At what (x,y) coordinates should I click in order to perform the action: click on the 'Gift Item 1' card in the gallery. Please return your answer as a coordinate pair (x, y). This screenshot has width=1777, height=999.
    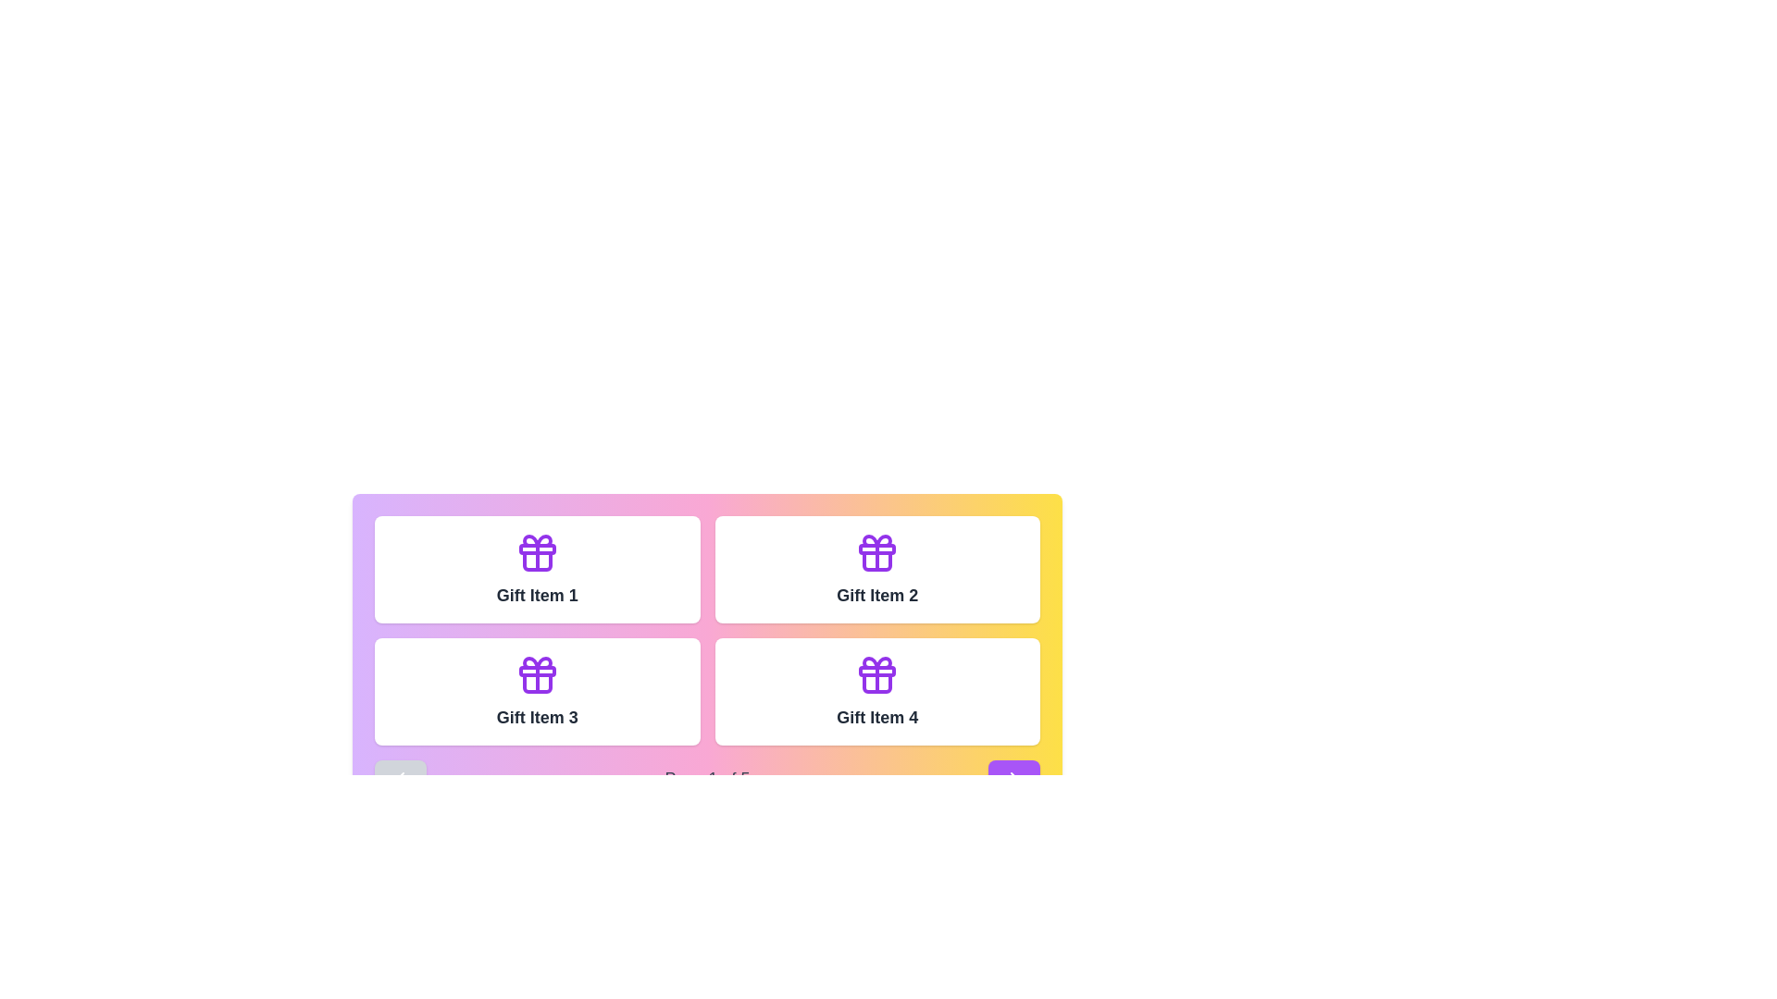
    Looking at the image, I should click on (536, 569).